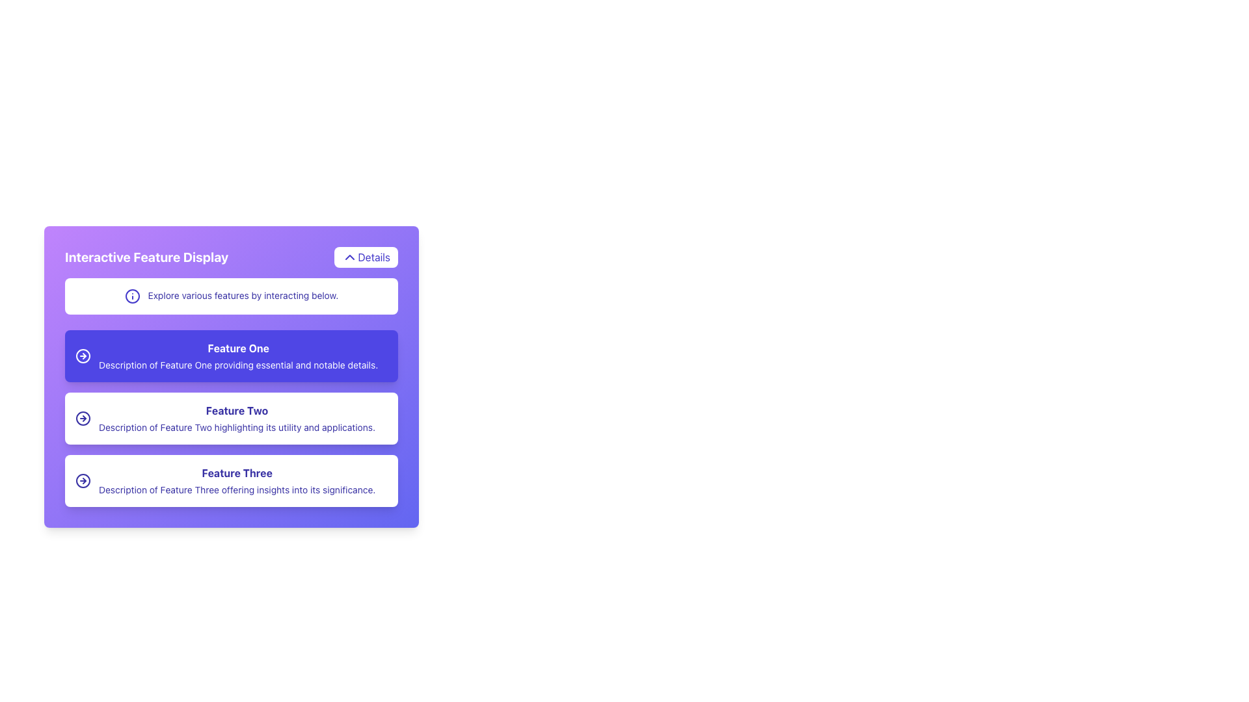 The height and width of the screenshot is (702, 1249). What do you see at coordinates (83, 419) in the screenshot?
I see `the navigation icon located to the left of the text 'Feature Two' in the interface, which signifies progression or selection` at bounding box center [83, 419].